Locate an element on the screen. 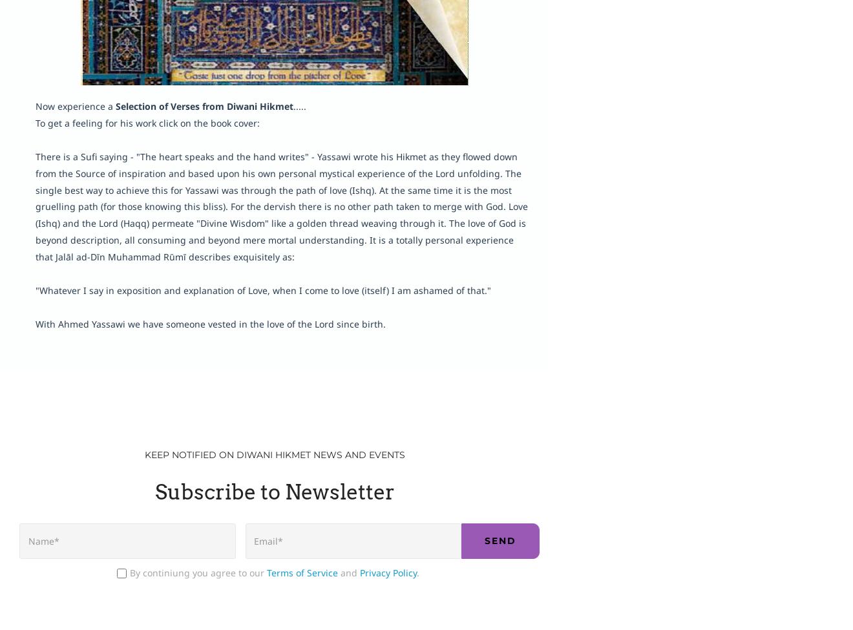  'Privacy Policy' is located at coordinates (388, 572).